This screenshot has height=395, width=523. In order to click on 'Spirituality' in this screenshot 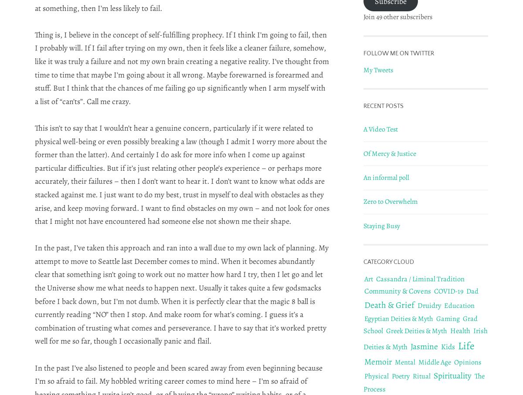, I will do `click(452, 375)`.